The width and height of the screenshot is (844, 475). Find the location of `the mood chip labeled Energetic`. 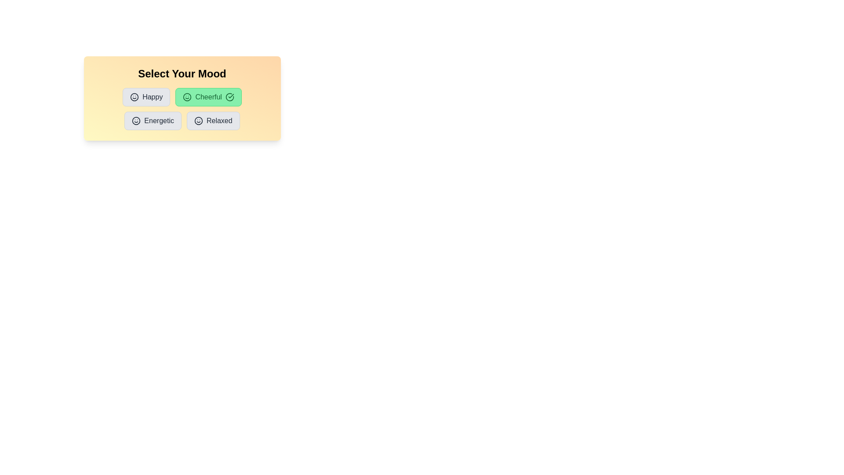

the mood chip labeled Energetic is located at coordinates (153, 121).